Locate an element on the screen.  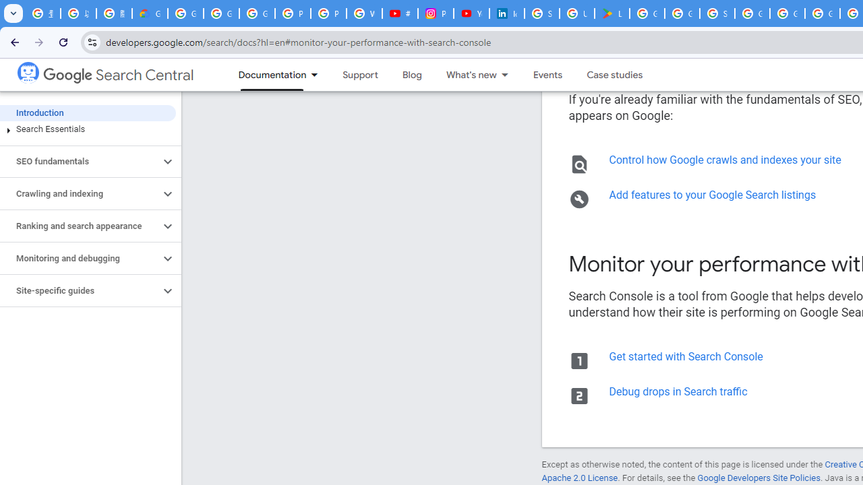
'What' is located at coordinates (465, 75).